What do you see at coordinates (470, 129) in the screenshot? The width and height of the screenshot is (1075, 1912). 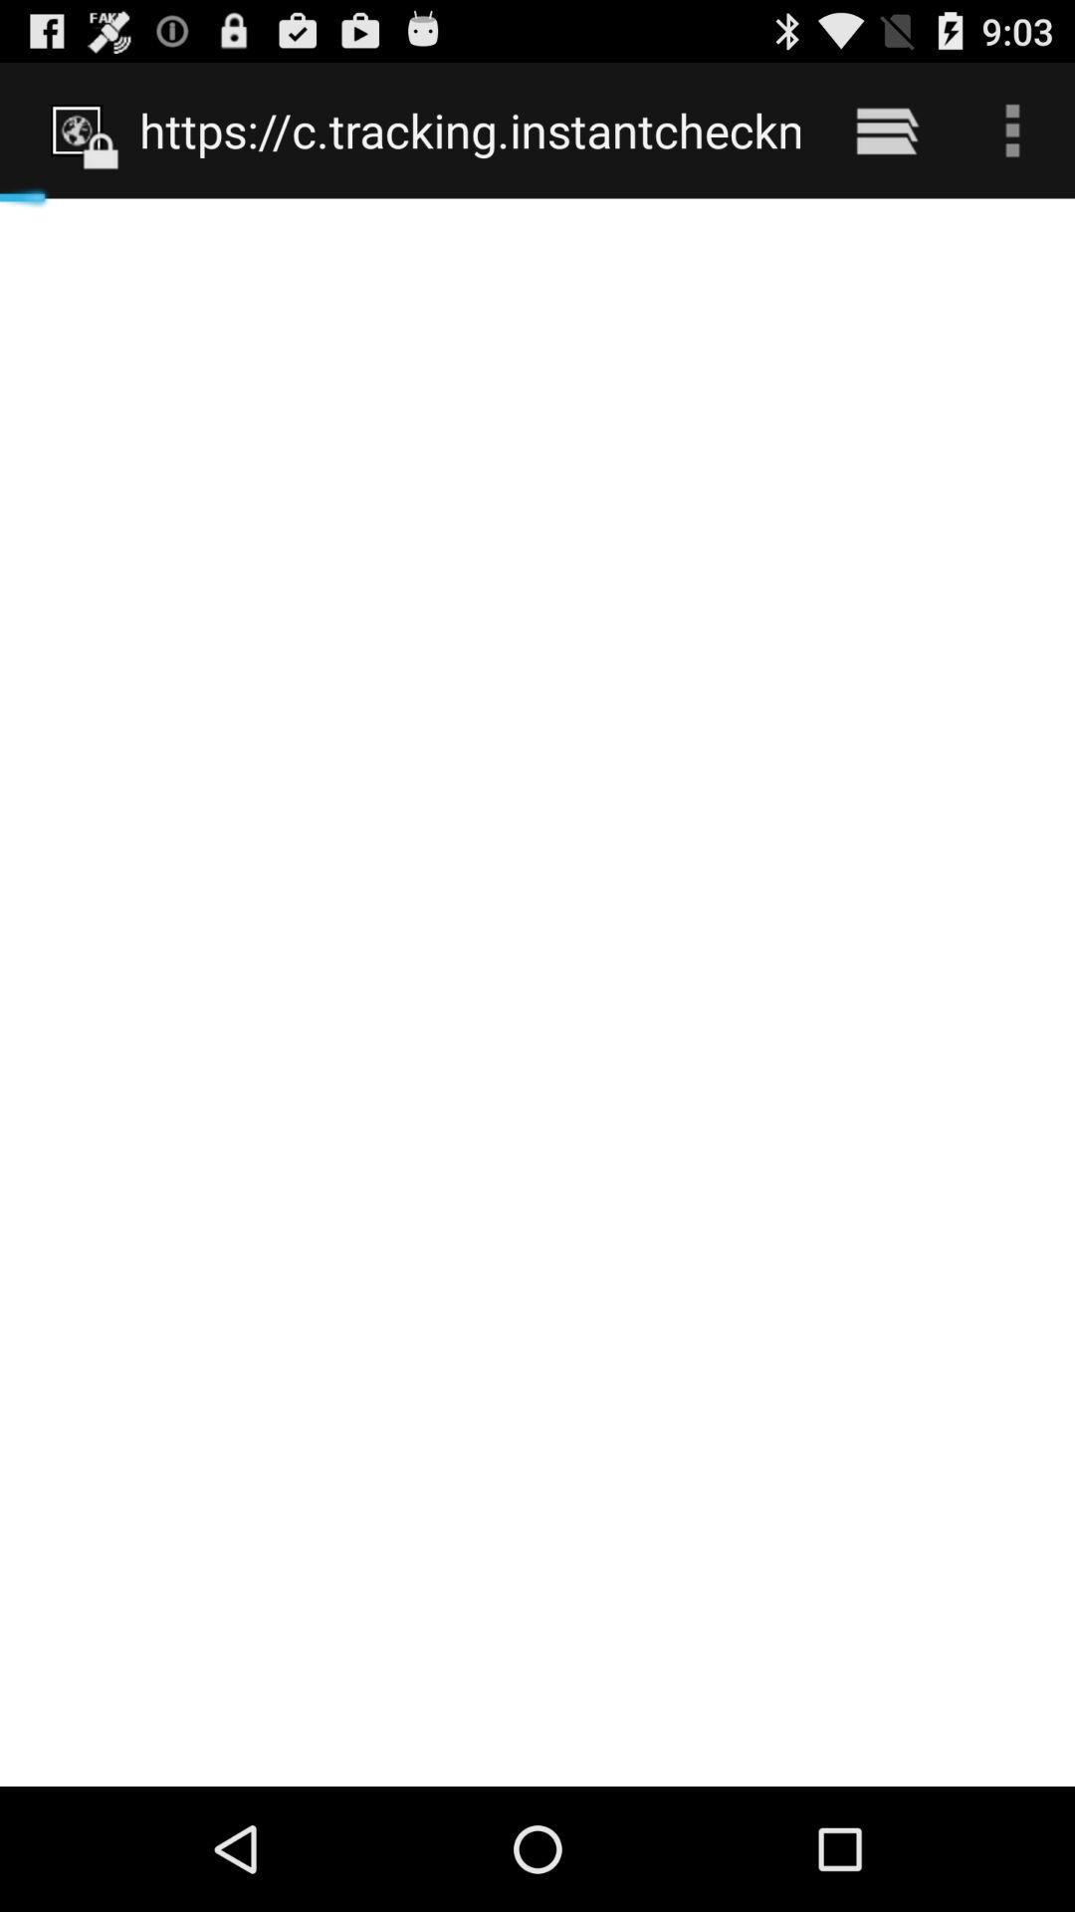 I see `the https www phone` at bounding box center [470, 129].